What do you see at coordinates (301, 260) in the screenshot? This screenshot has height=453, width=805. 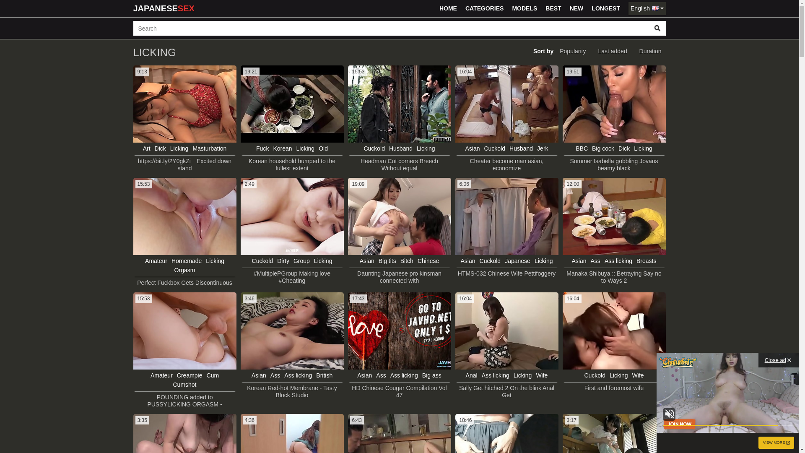 I see `'Group'` at bounding box center [301, 260].